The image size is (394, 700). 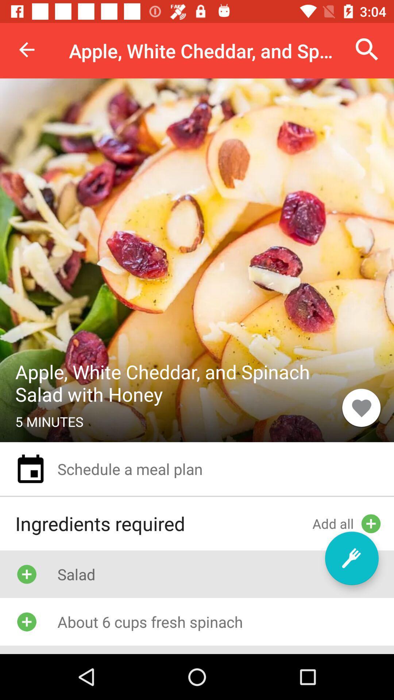 What do you see at coordinates (351, 558) in the screenshot?
I see `item above the about 6 cups item` at bounding box center [351, 558].